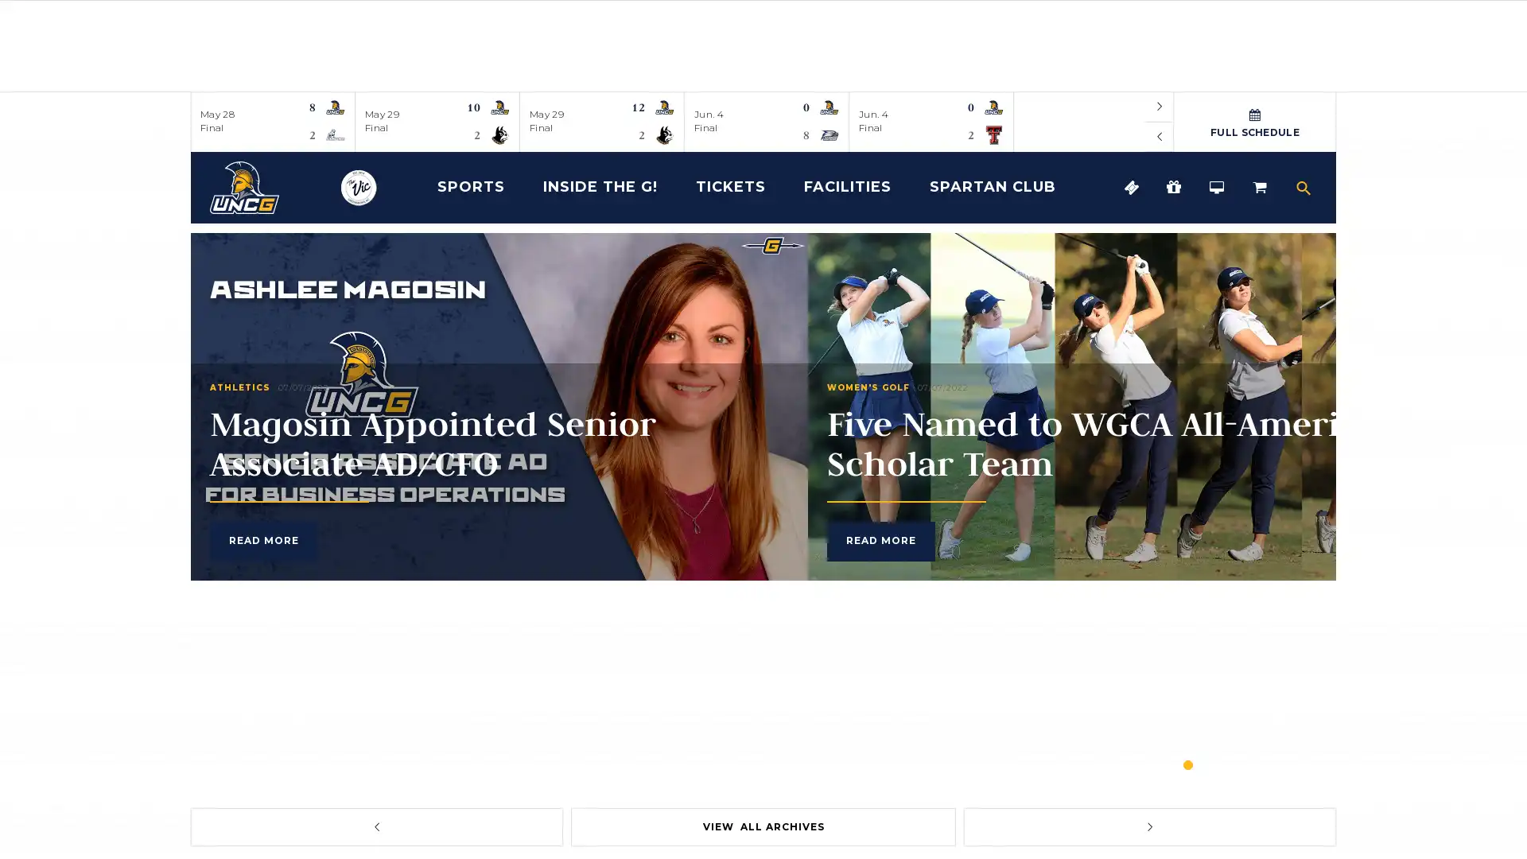  Describe the element at coordinates (375, 826) in the screenshot. I see `previous` at that location.